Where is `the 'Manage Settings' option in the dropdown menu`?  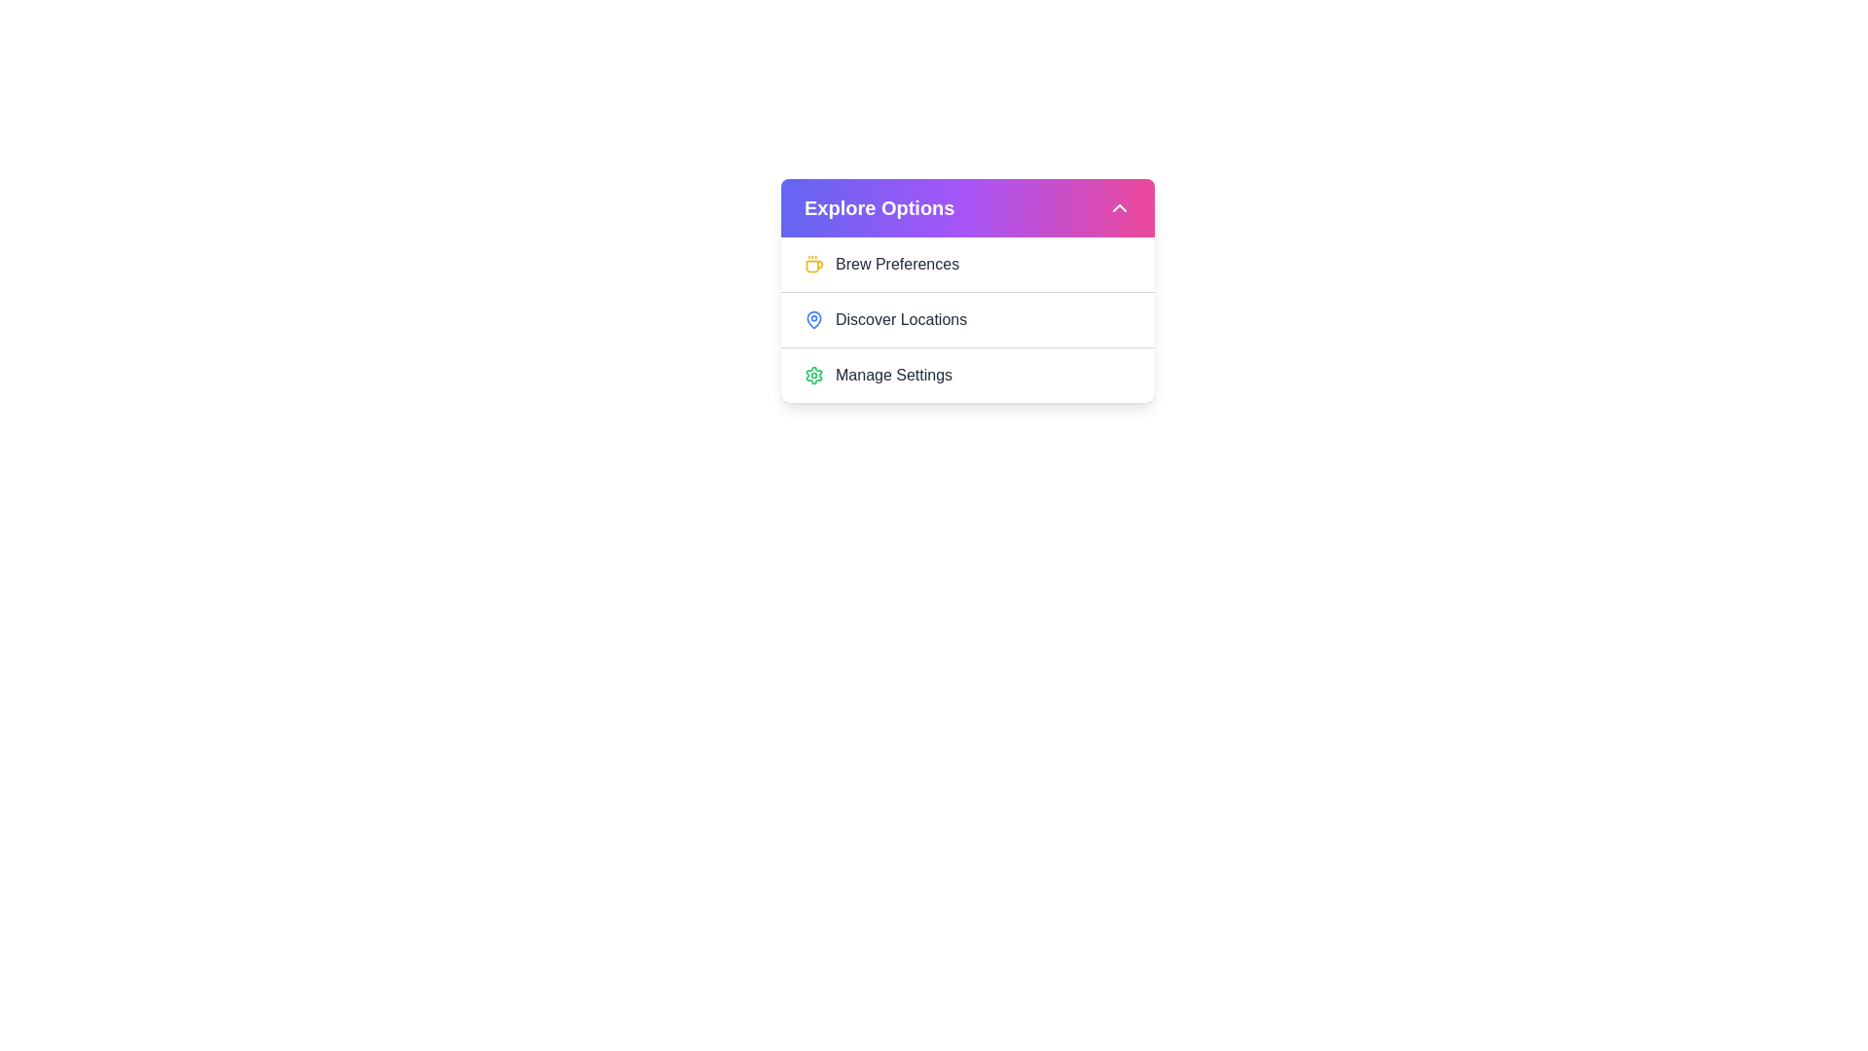 the 'Manage Settings' option in the dropdown menu is located at coordinates (967, 375).